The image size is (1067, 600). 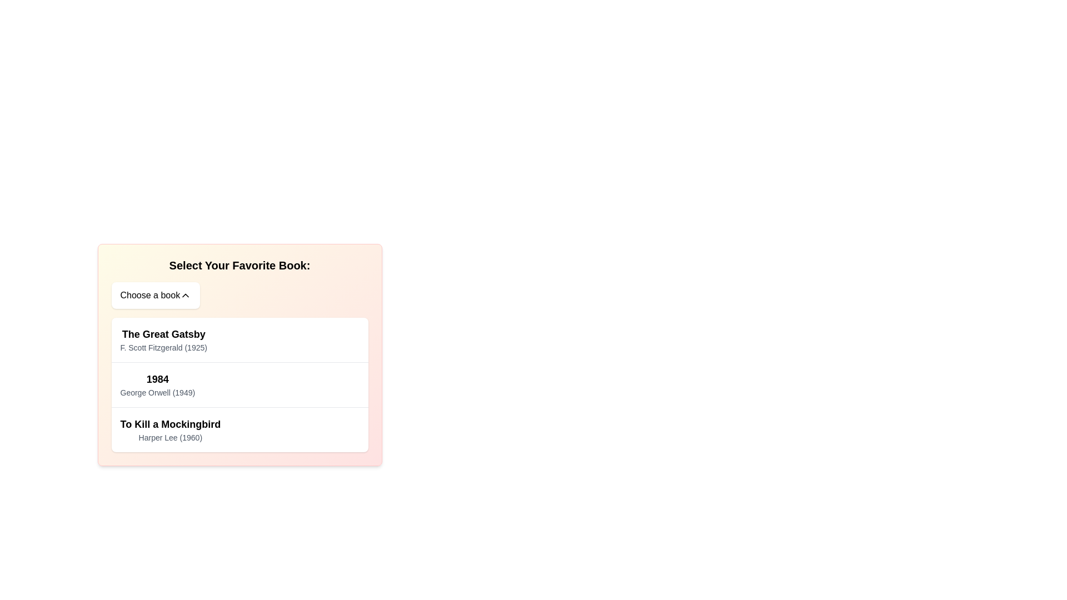 What do you see at coordinates (163, 347) in the screenshot?
I see `the text displaying the author and publication year 'F. Scott Fitzgerald (1925)', which is styled in a smaller gray font and positioned directly below the title 'The Great Gatsby'` at bounding box center [163, 347].